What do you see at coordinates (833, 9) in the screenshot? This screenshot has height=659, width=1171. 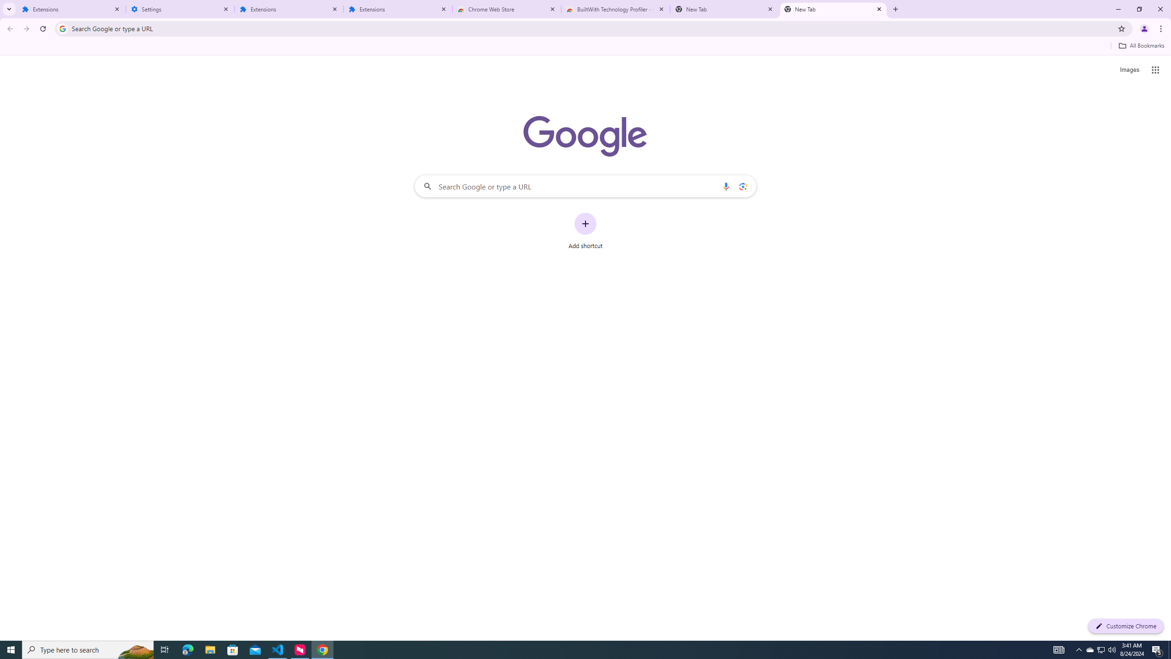 I see `'New Tab'` at bounding box center [833, 9].